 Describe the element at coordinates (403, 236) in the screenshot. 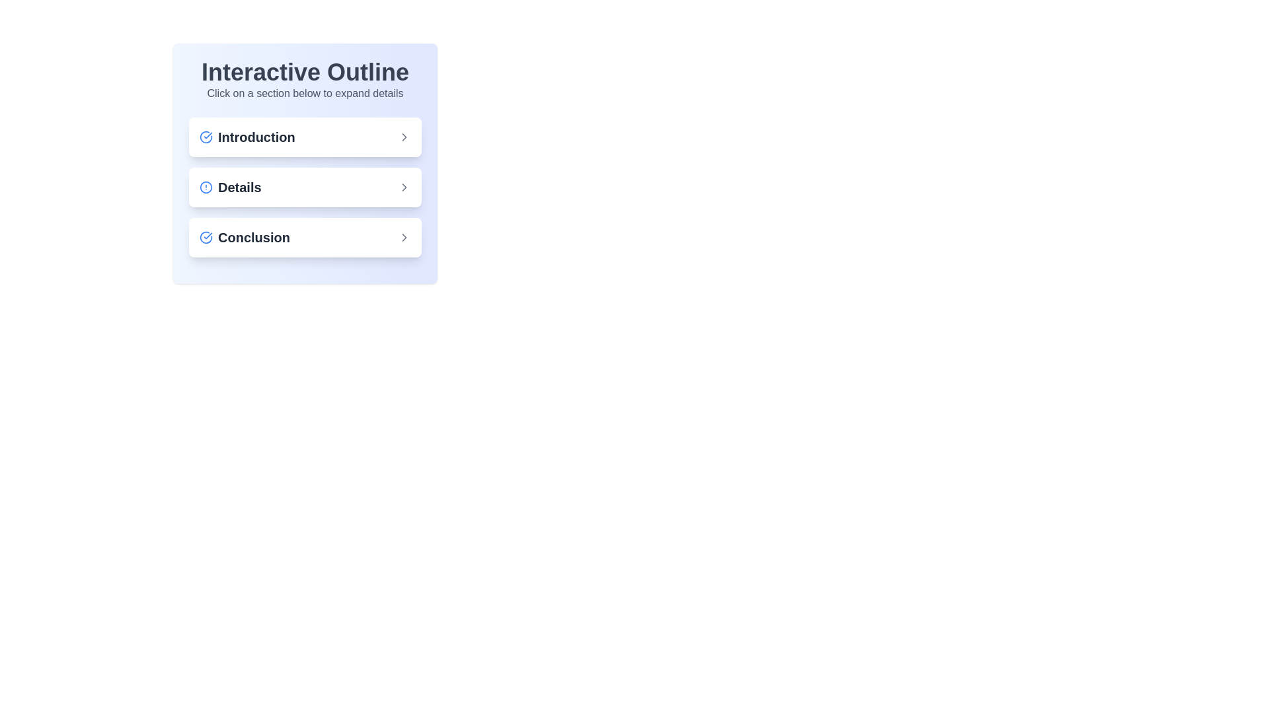

I see `the right-pointing arrow icon located in the Conclusion section, which is represented by a small chevron pattern and is horizontally aligned to the center of the text` at that location.